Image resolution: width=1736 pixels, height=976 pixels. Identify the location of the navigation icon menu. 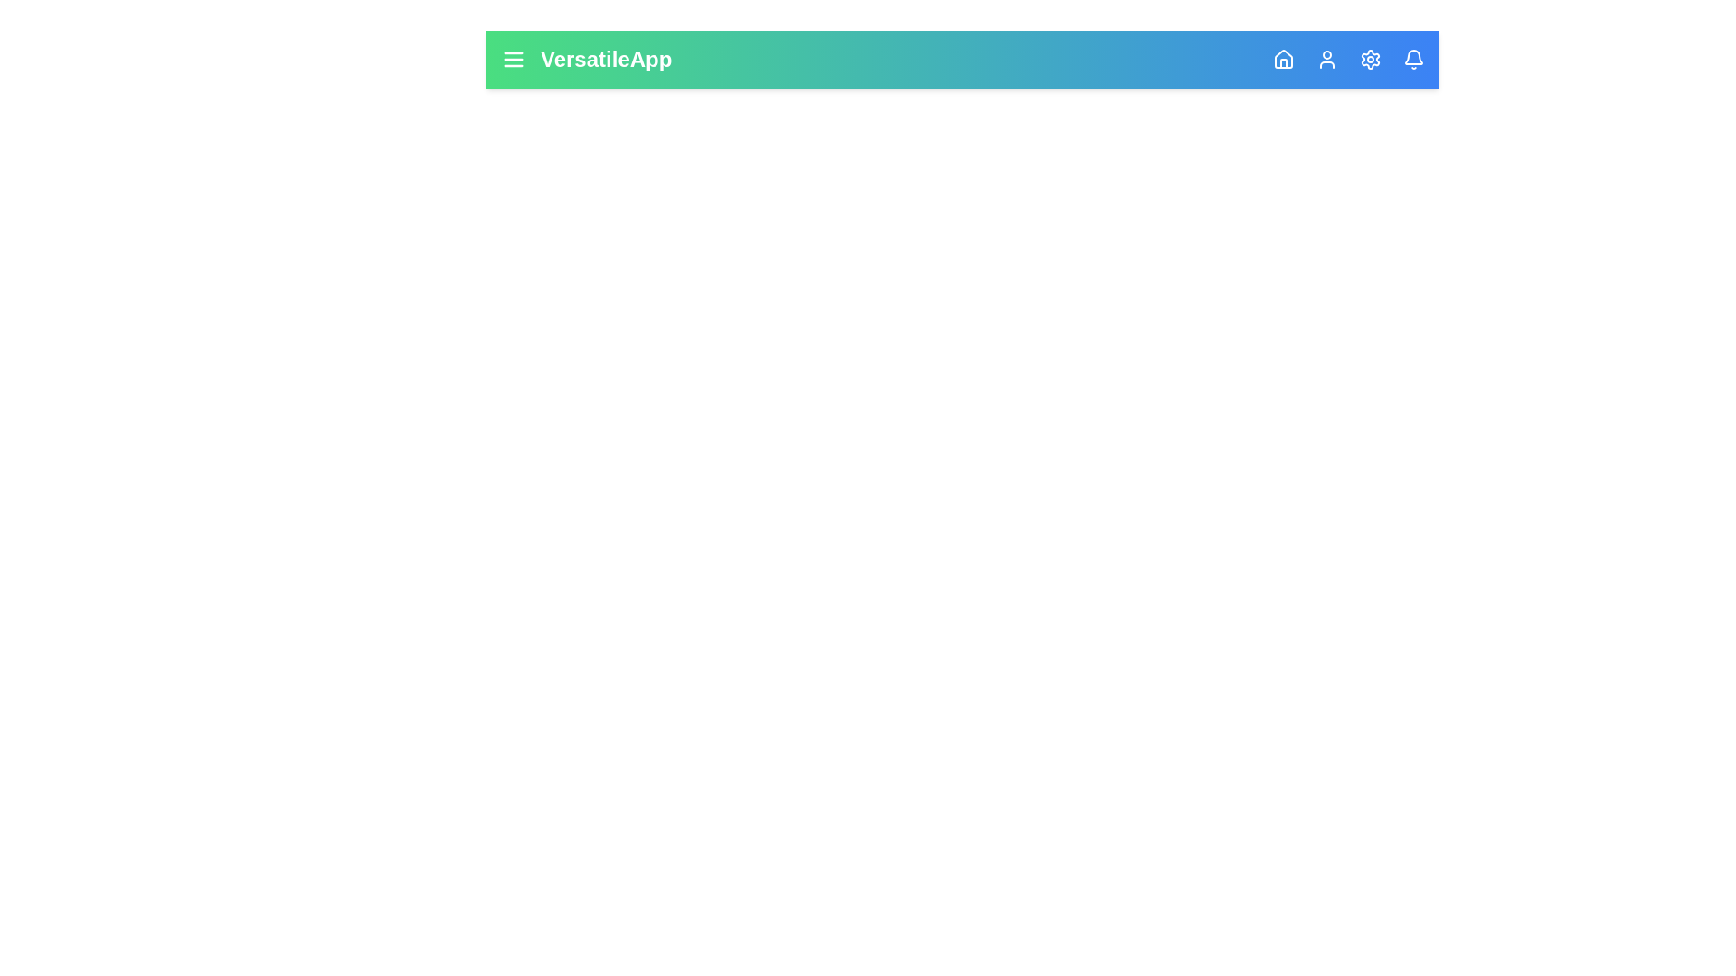
(512, 58).